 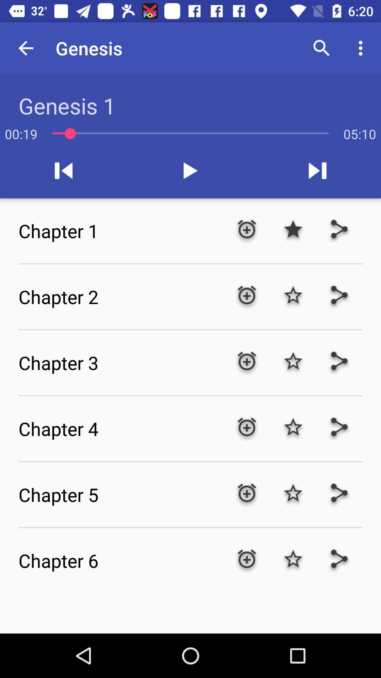 What do you see at coordinates (121, 494) in the screenshot?
I see `chapter 5 item` at bounding box center [121, 494].